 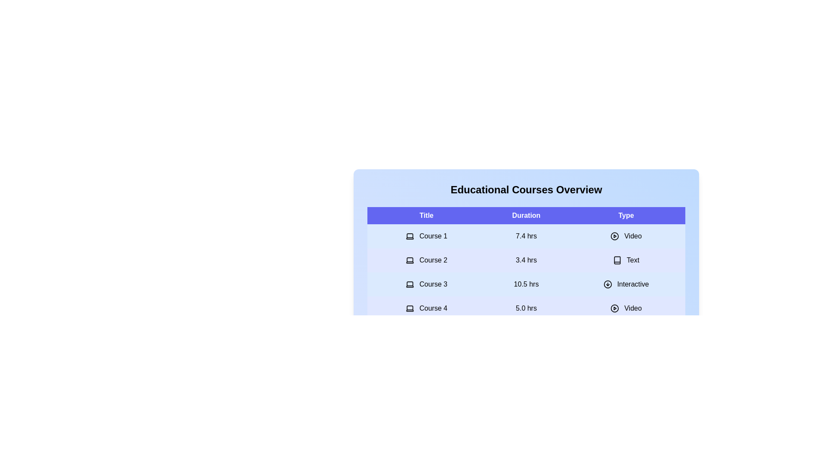 What do you see at coordinates (616, 259) in the screenshot?
I see `the type icon for the course with title 'Course 2'` at bounding box center [616, 259].